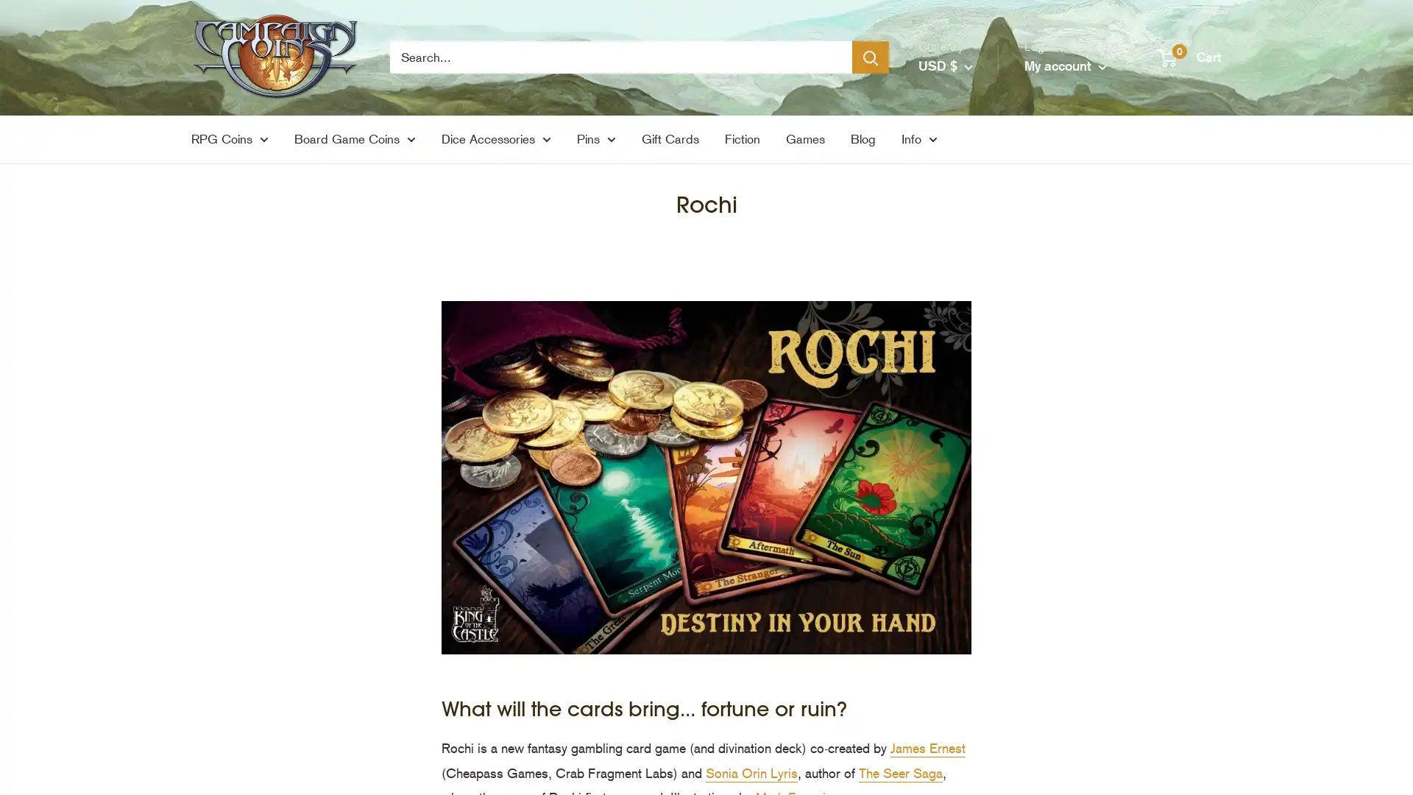 Image resolution: width=1413 pixels, height=795 pixels. I want to click on Search, so click(870, 56).